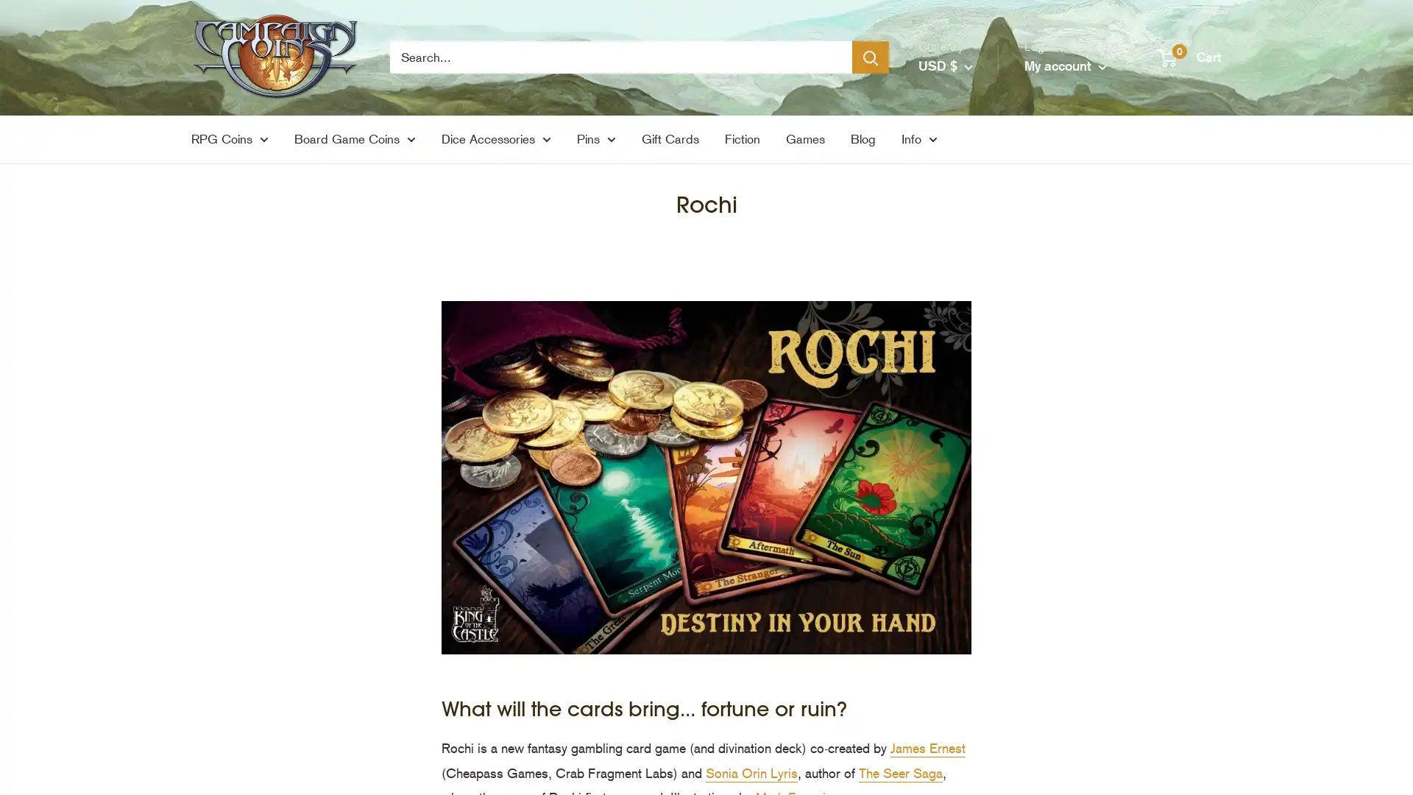 Image resolution: width=1413 pixels, height=795 pixels. I want to click on Search, so click(870, 56).